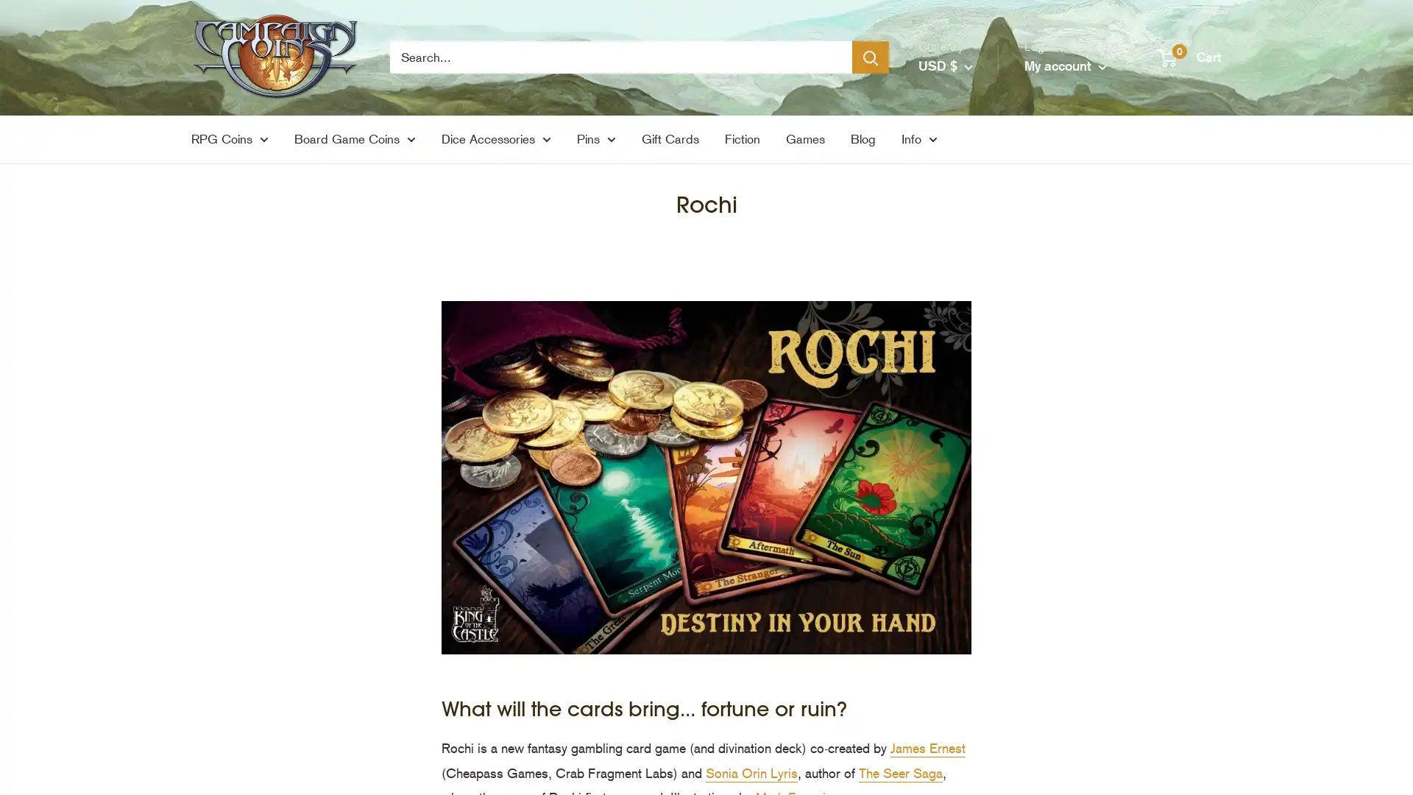 Image resolution: width=1413 pixels, height=795 pixels. I want to click on Search, so click(870, 56).